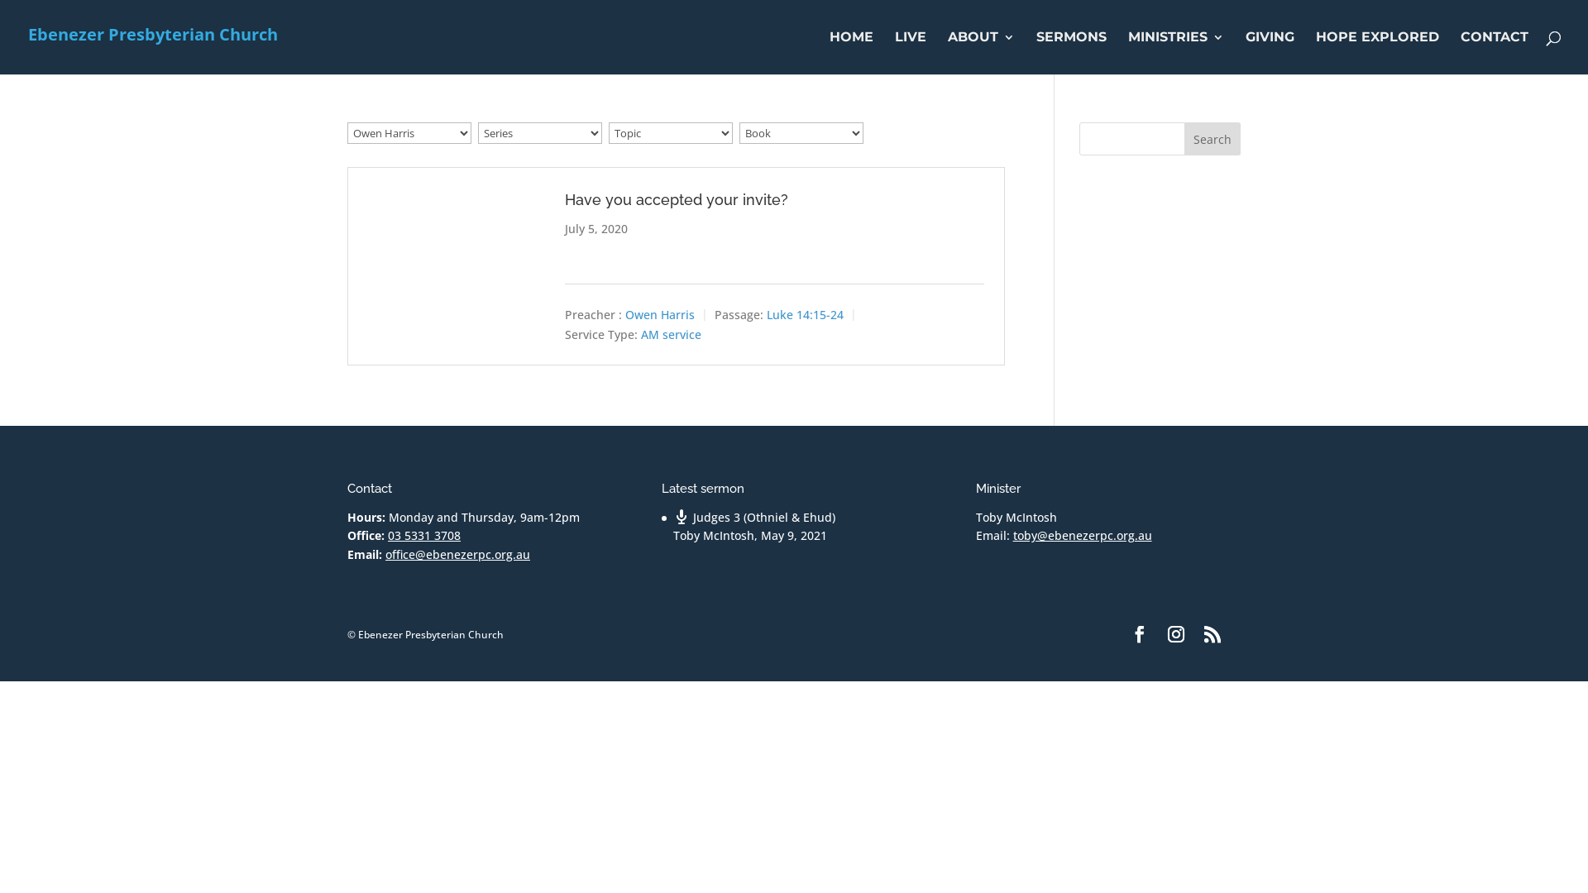 The height and width of the screenshot is (893, 1588). I want to click on 'GIVING', so click(1269, 52).